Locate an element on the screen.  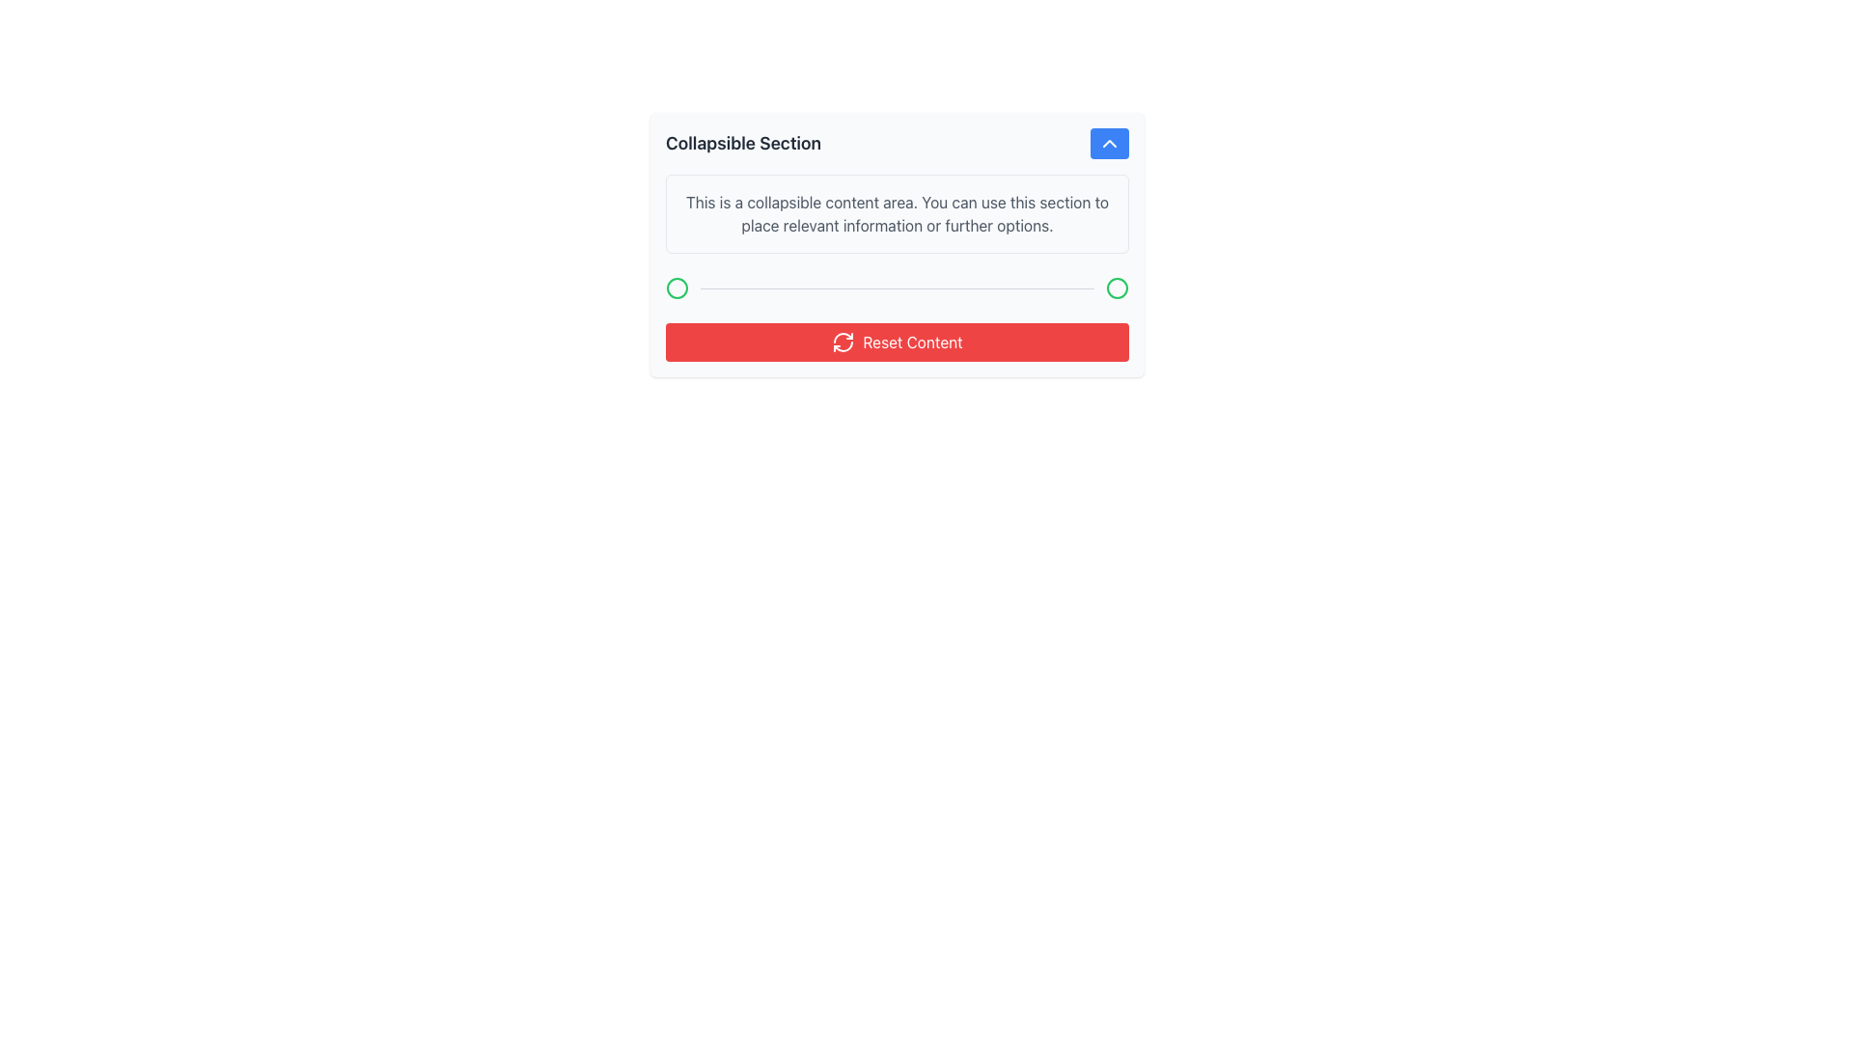
the collapsible Text Block located below the 'Collapsible Section' heading and above the horizontal divider with green indicators and the 'Reset Content' button is located at coordinates (897, 214).